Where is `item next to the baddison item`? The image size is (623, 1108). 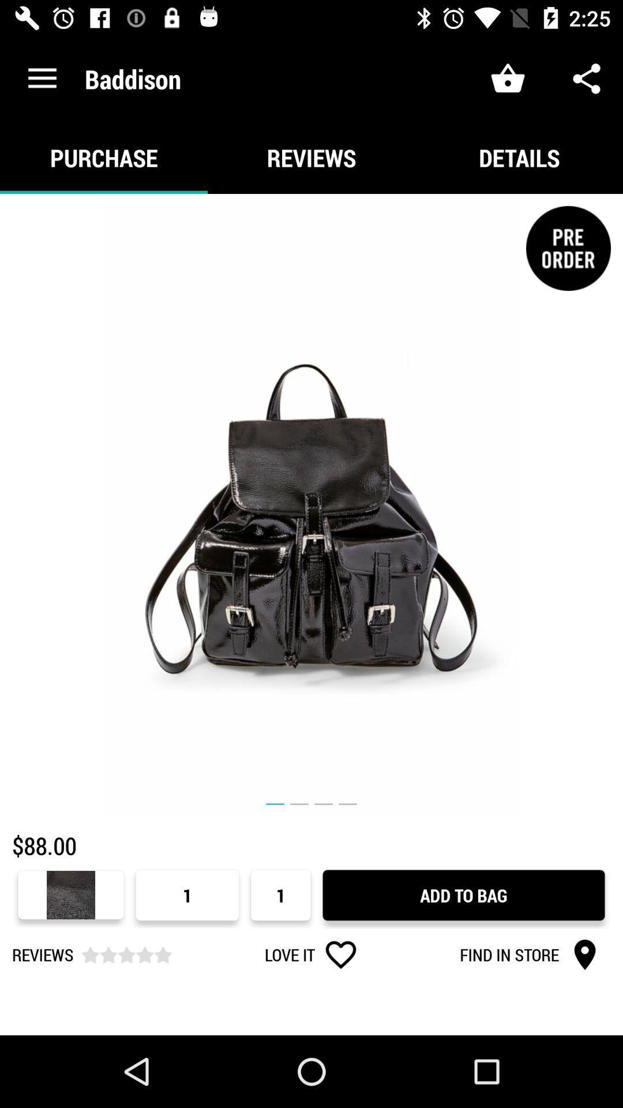 item next to the baddison item is located at coordinates (42, 78).